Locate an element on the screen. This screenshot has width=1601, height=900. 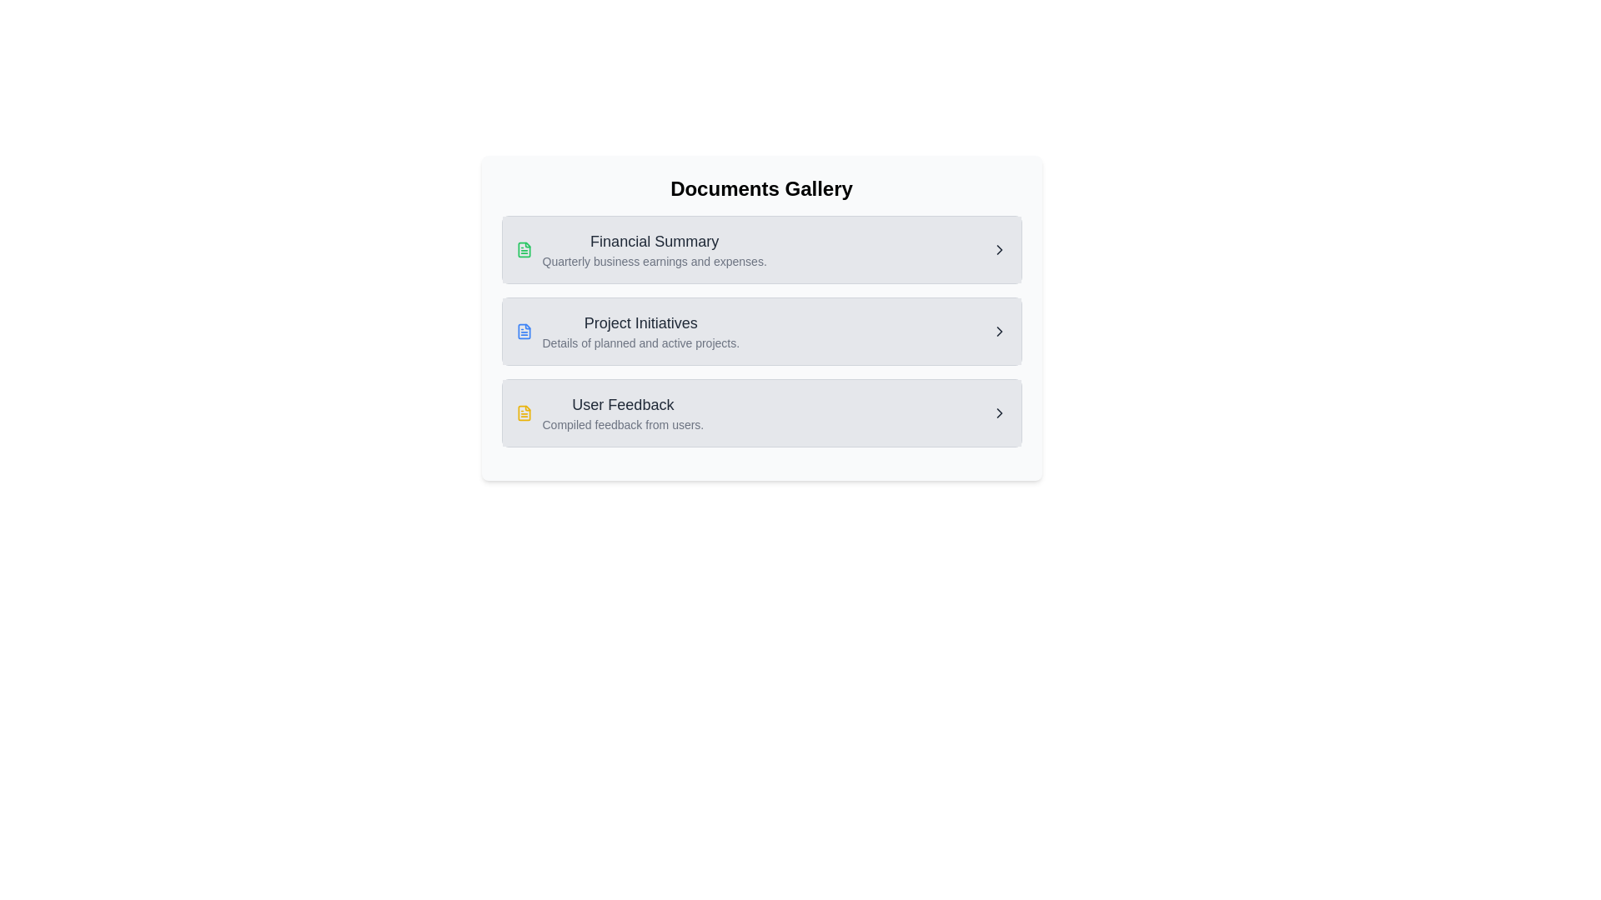
text presented by the 'User Feedback' element, which is the third entry in a vertical list under 'Financial Summary' and 'Project Initiatives' is located at coordinates (622, 412).